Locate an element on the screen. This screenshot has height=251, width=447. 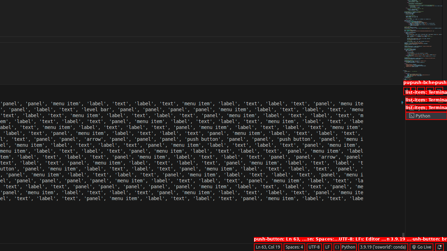
'Ln 63, Col 19' is located at coordinates (267, 246).